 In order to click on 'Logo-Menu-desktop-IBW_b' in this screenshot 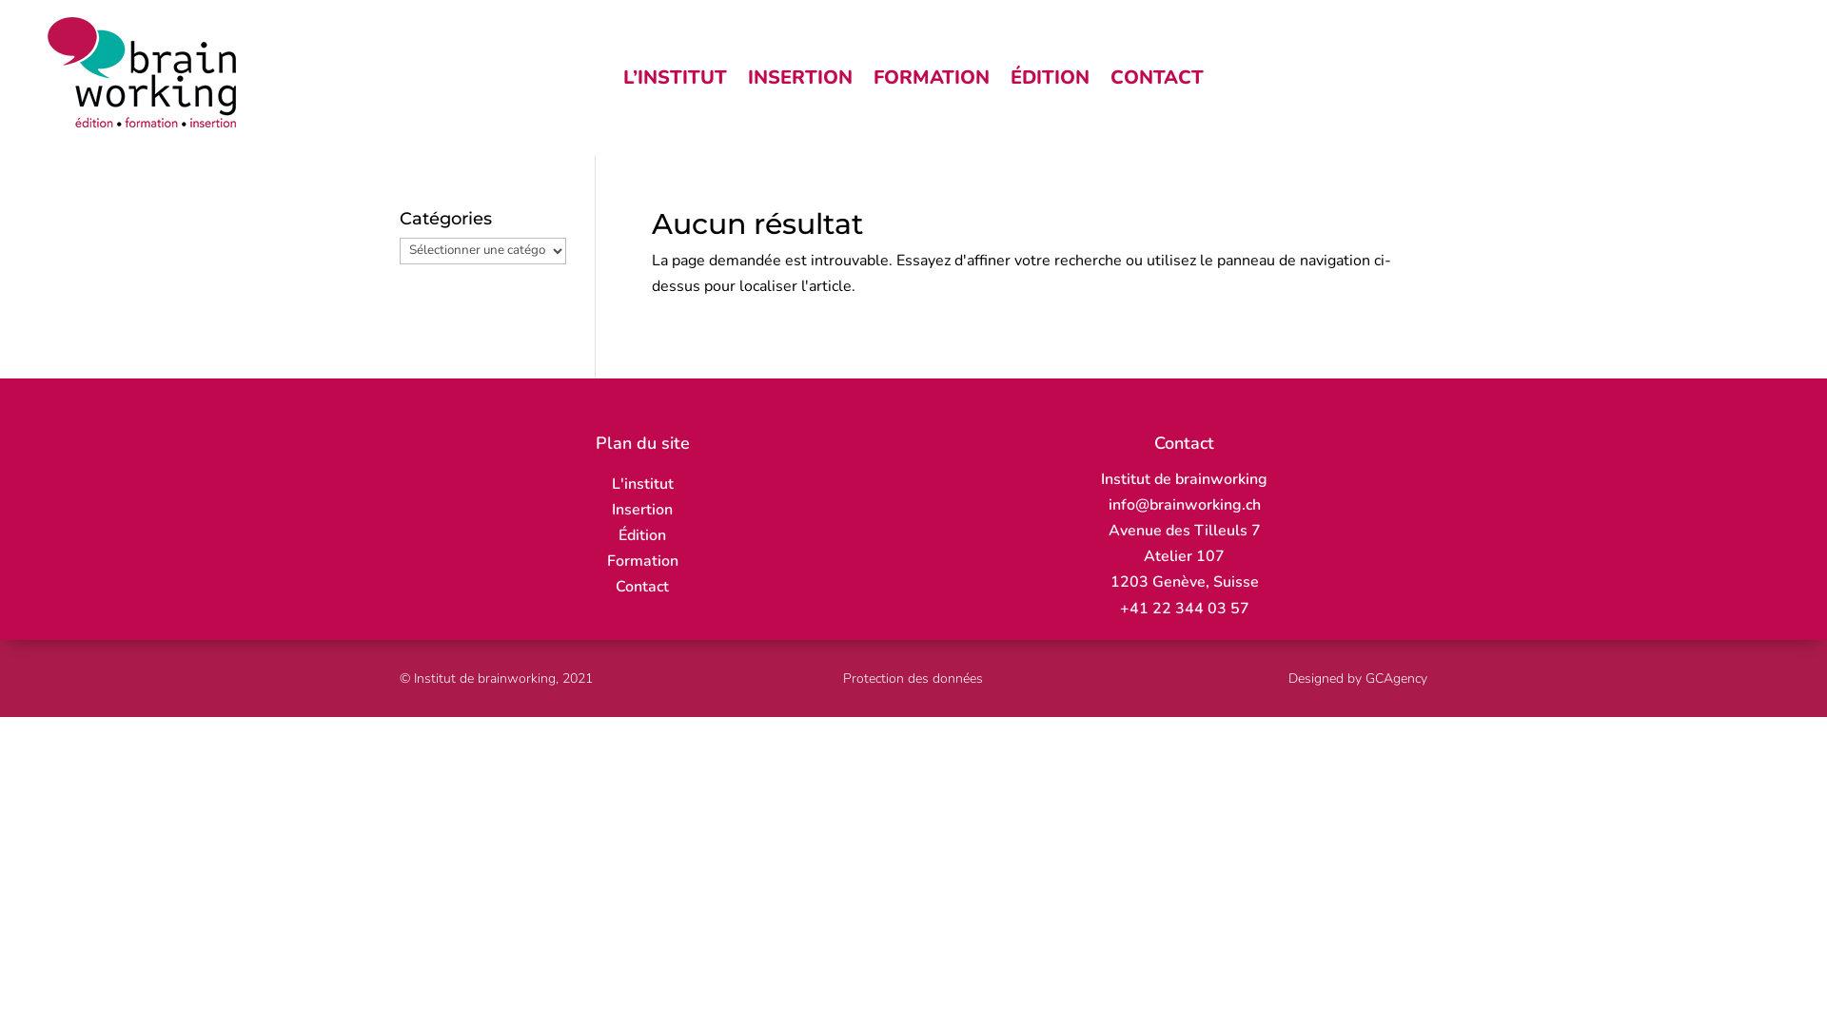, I will do `click(141, 71)`.